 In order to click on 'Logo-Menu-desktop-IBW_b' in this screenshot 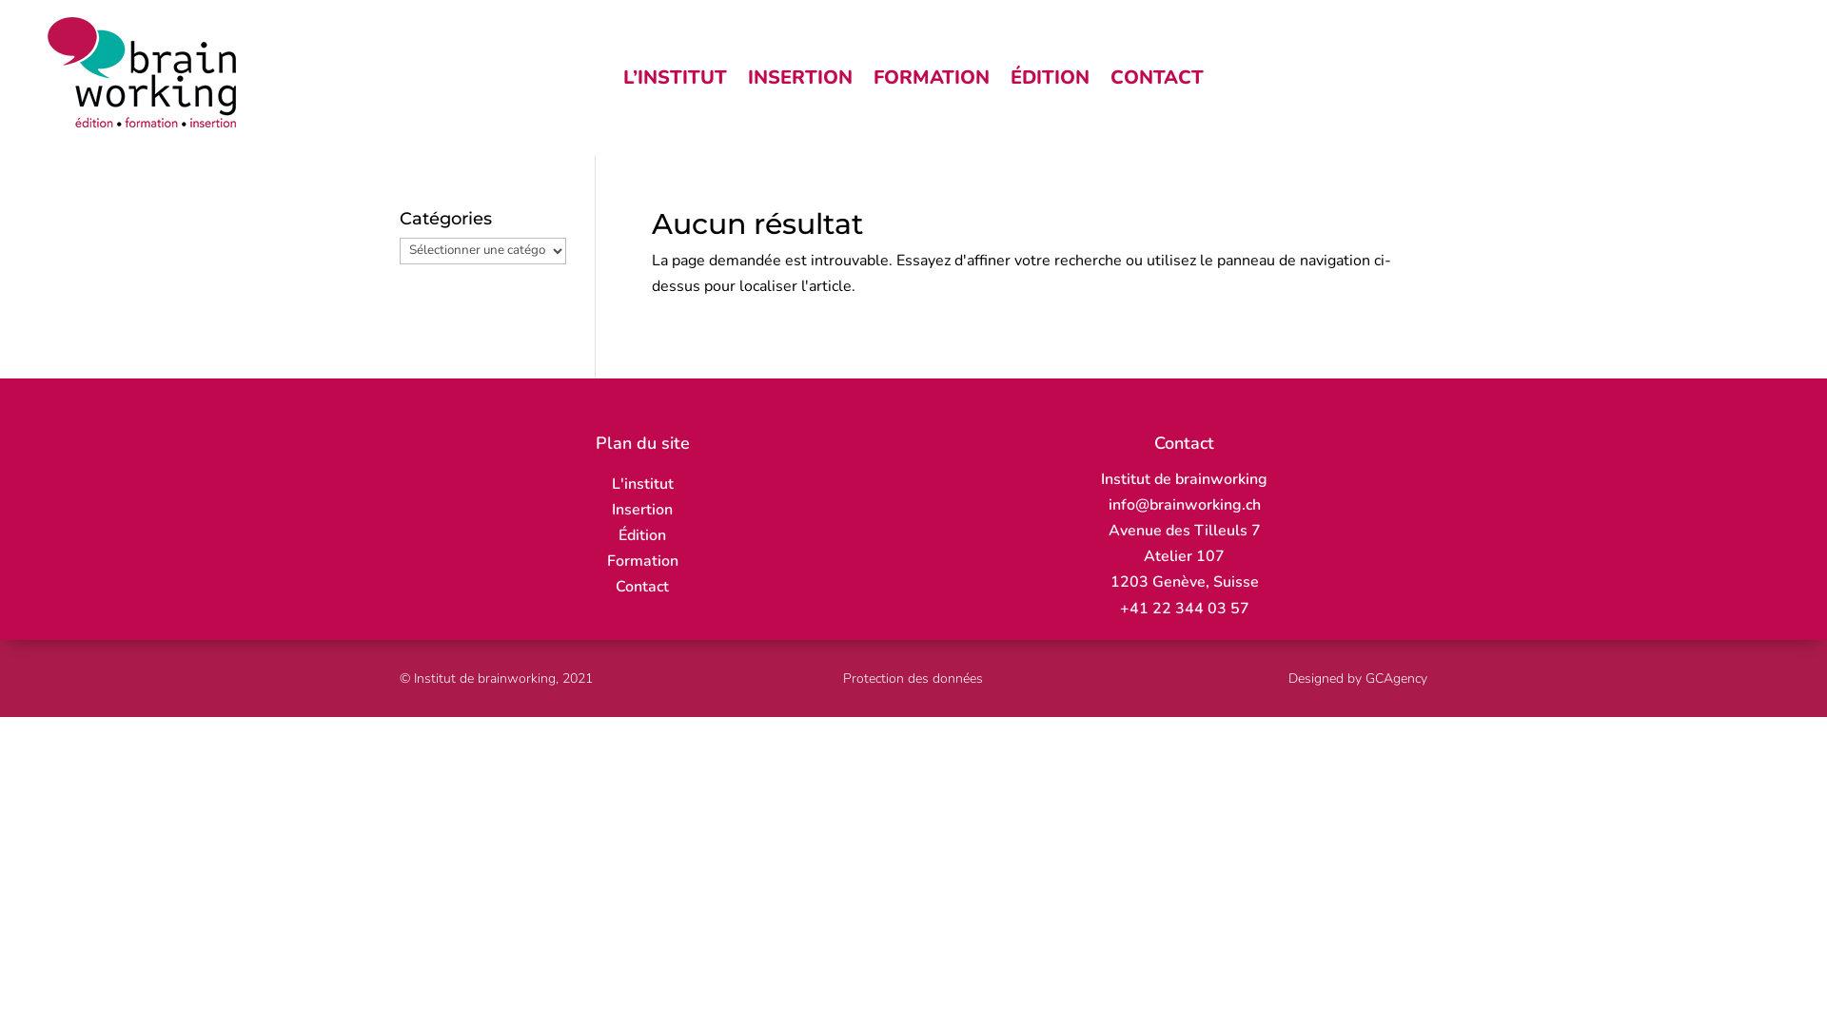, I will do `click(141, 71)`.